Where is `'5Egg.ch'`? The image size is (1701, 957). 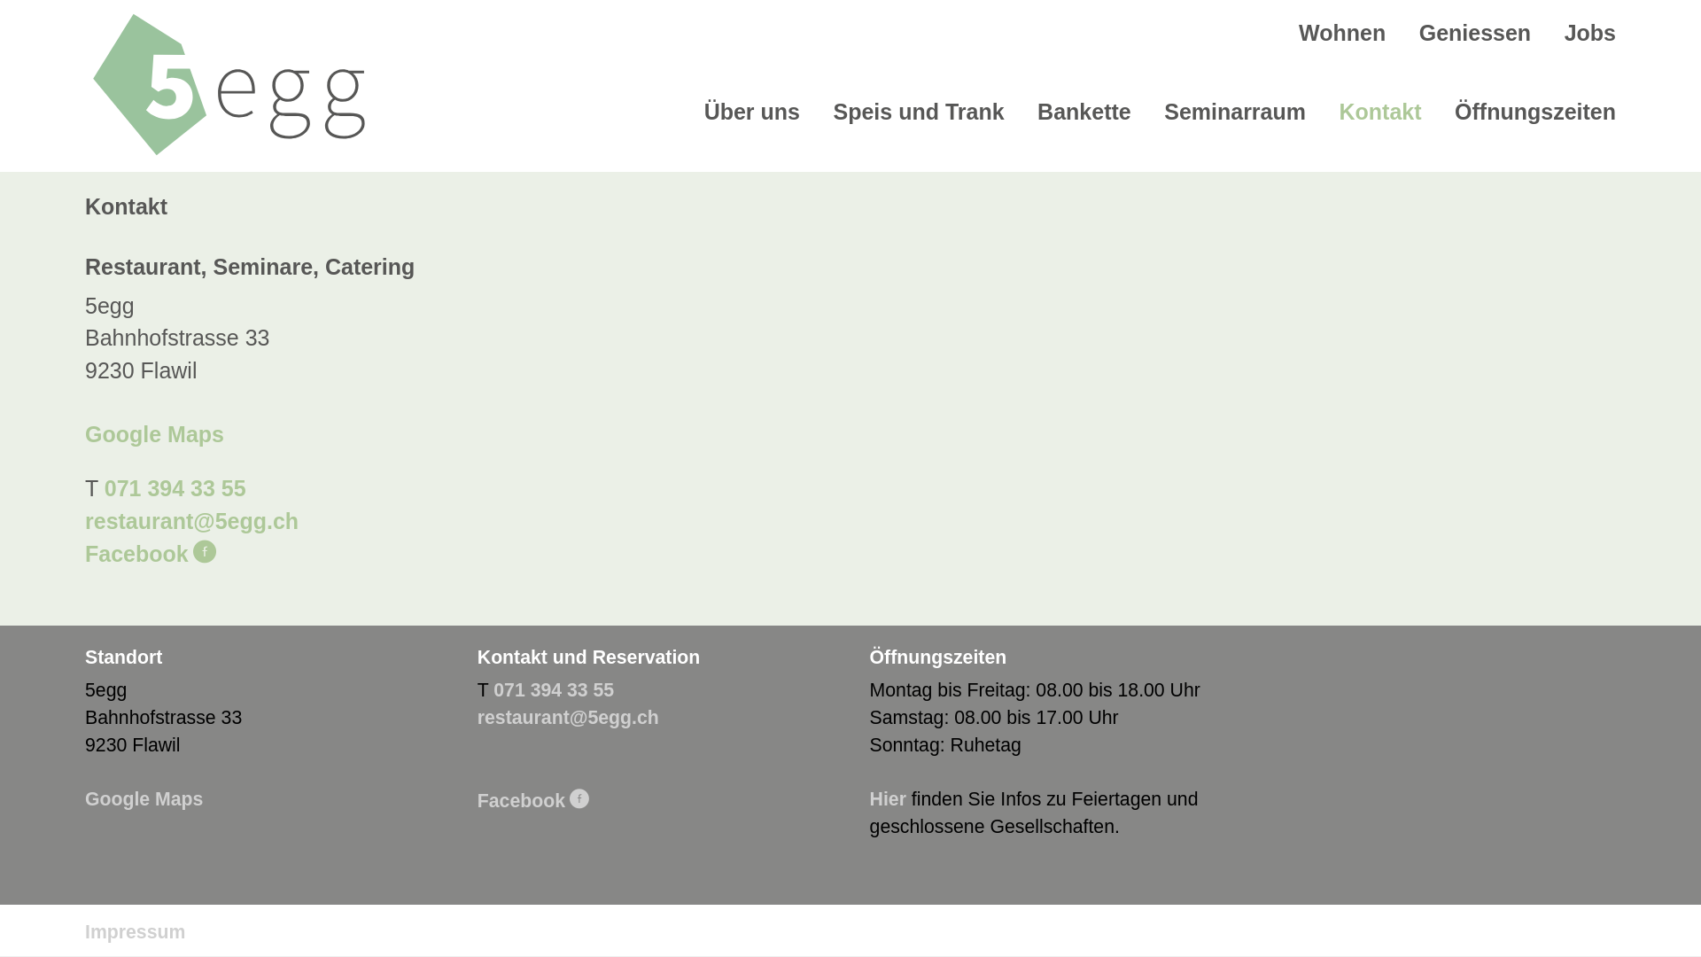 '5Egg.ch' is located at coordinates (228, 84).